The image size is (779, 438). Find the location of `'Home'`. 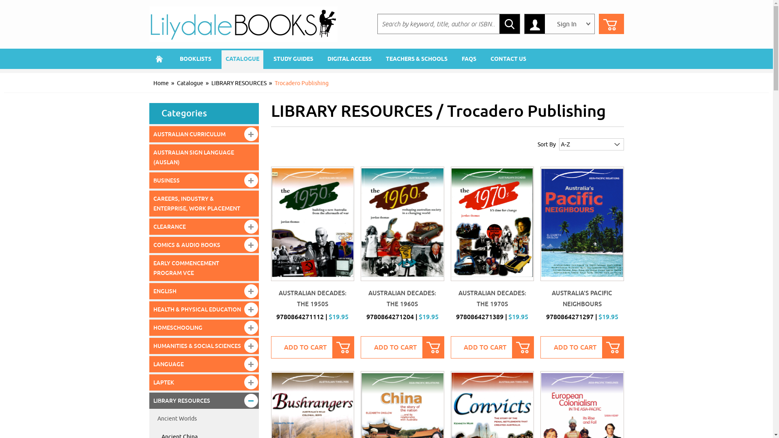

'Home' is located at coordinates (159, 58).